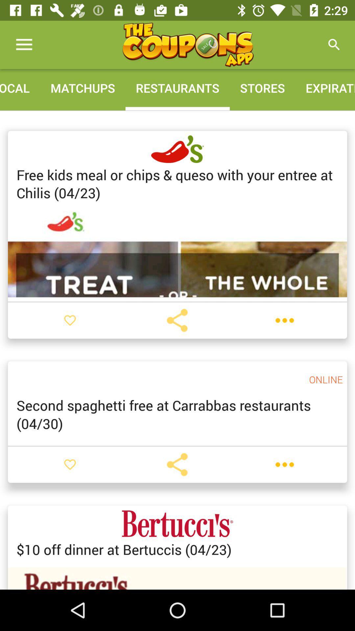 The image size is (355, 631). I want to click on as favorite, so click(70, 320).